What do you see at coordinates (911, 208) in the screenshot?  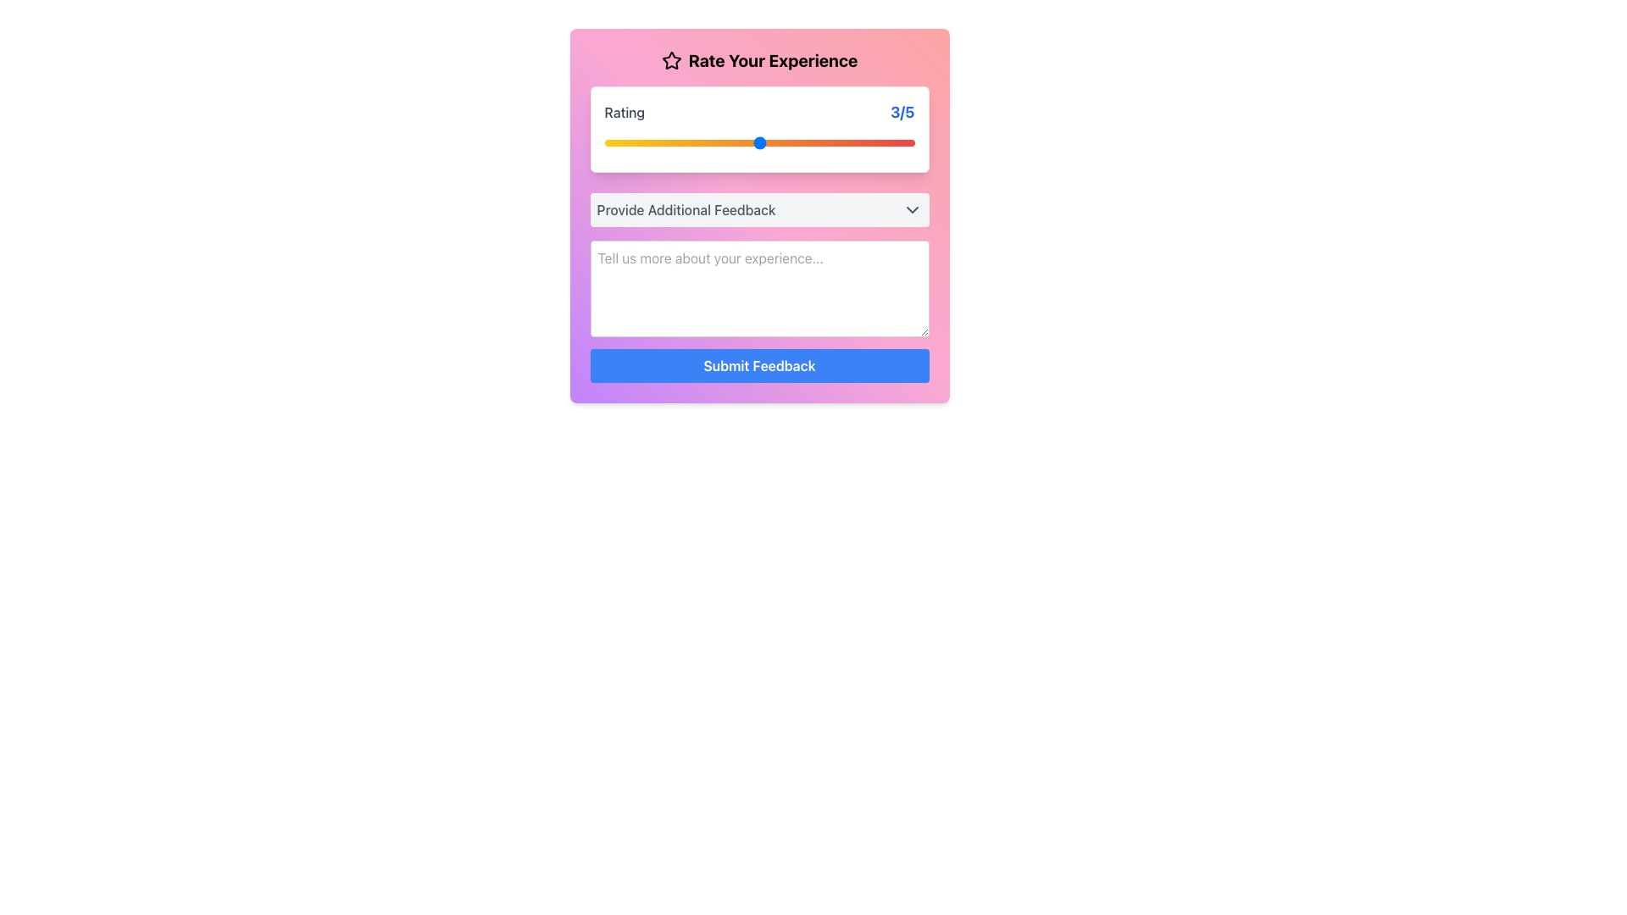 I see `the interactive dropdown arrow icon located to the right of the 'Provide Additional Feedback' text` at bounding box center [911, 208].